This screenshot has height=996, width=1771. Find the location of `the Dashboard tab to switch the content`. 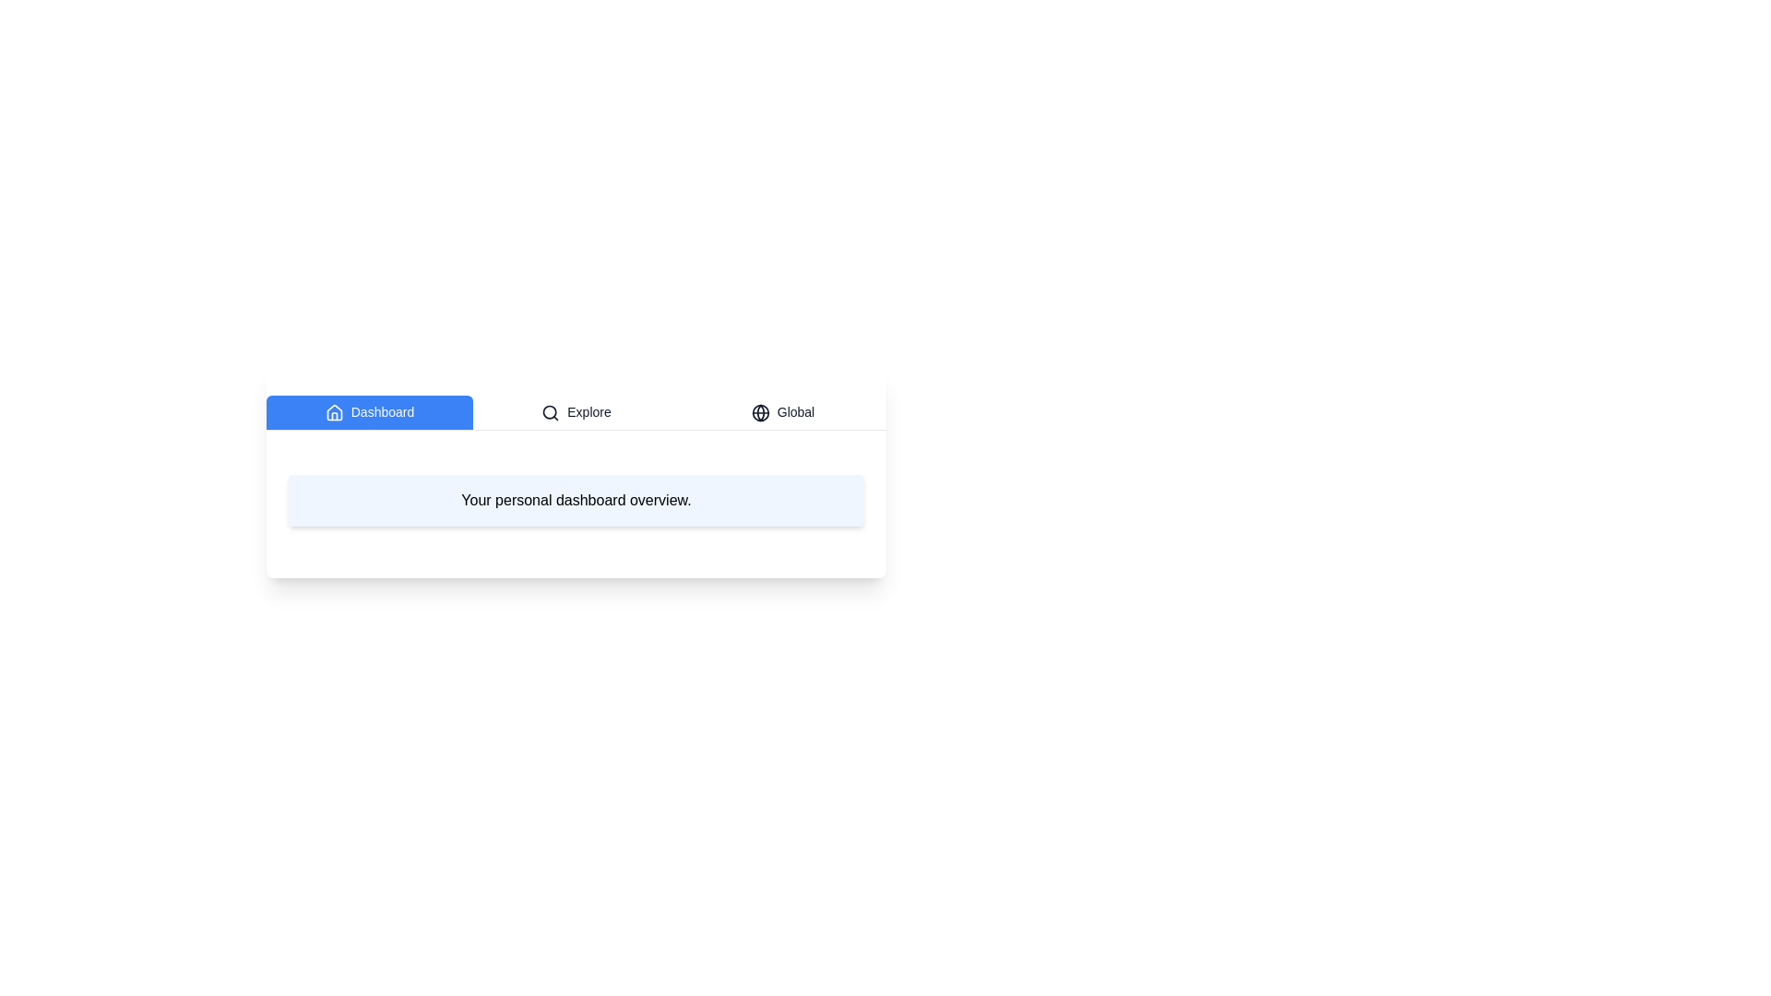

the Dashboard tab to switch the content is located at coordinates (369, 411).